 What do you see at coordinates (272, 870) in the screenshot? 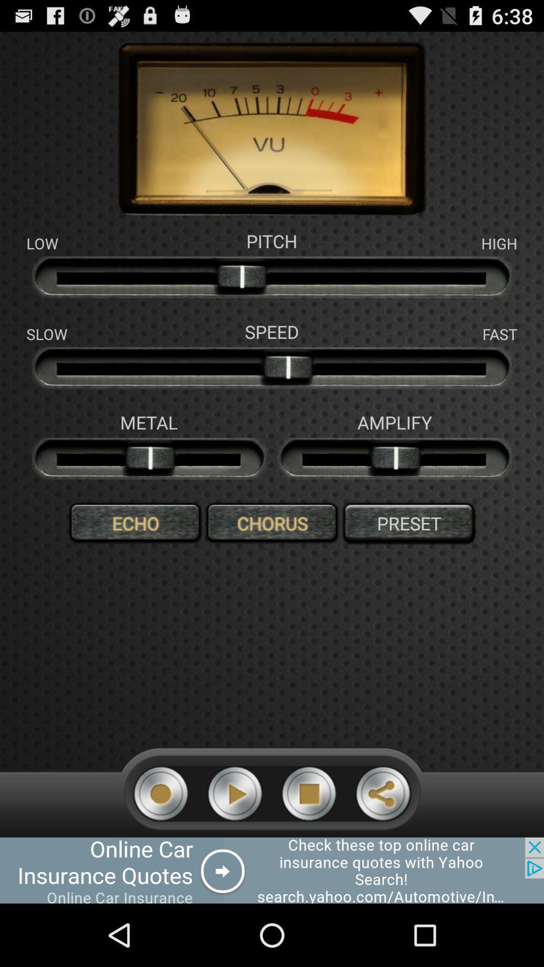
I see `open` at bounding box center [272, 870].